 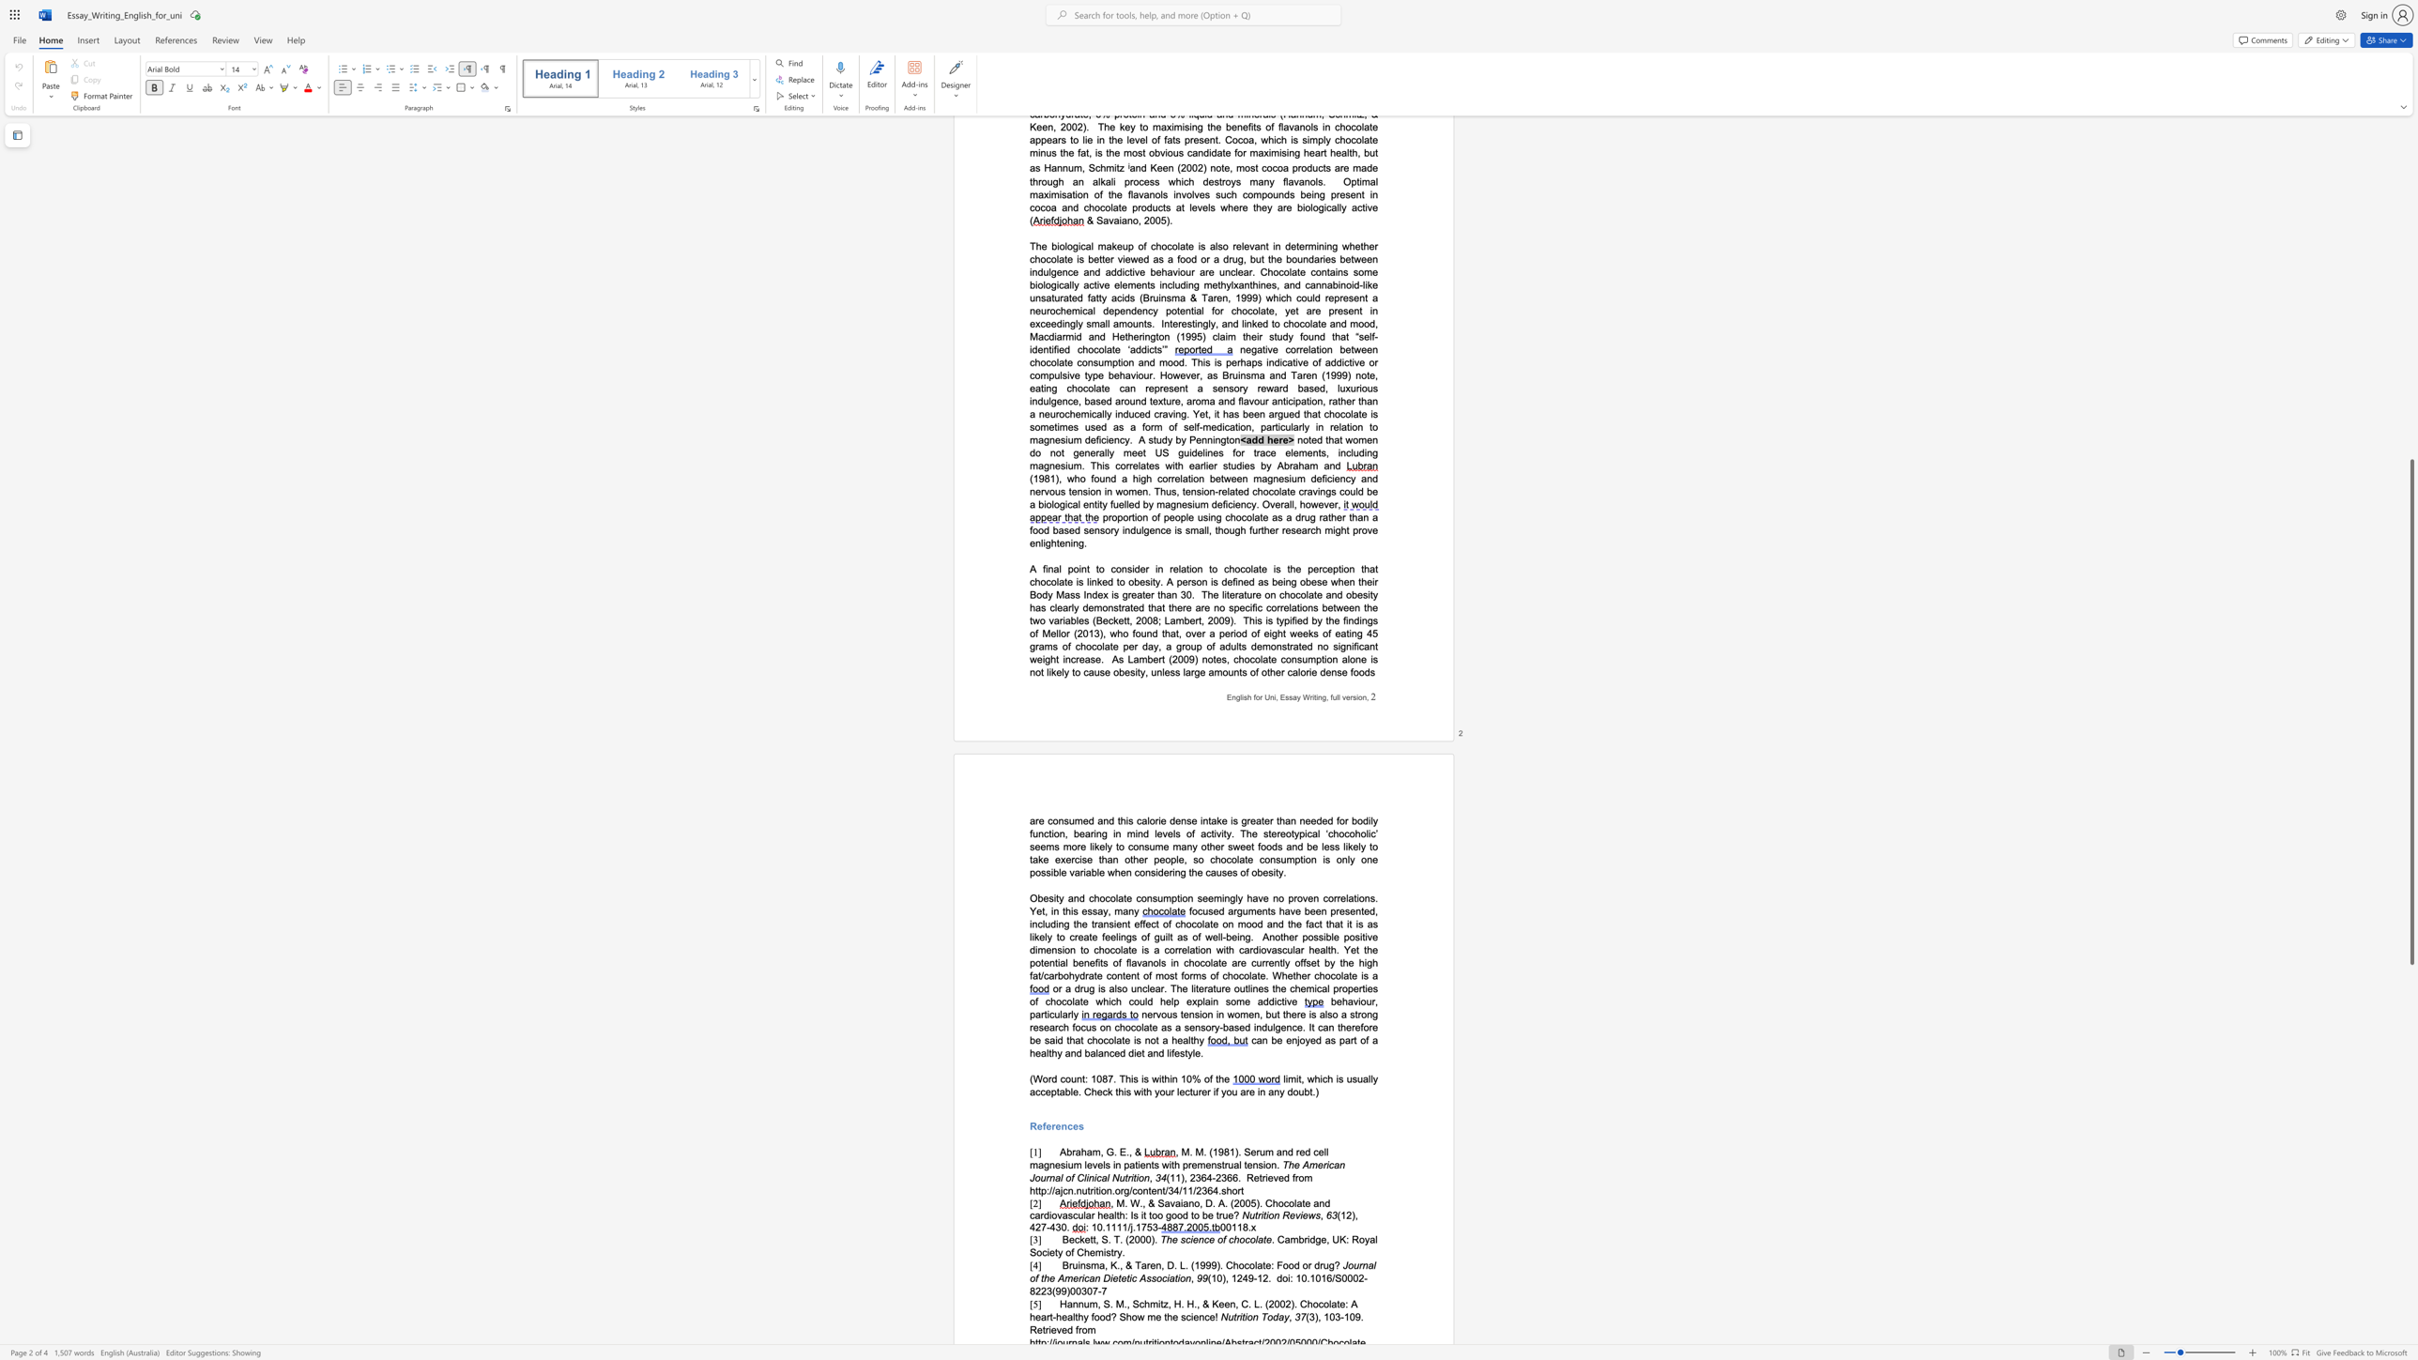 I want to click on the scrollbar on the right to shift the page higher, so click(x=2410, y=269).